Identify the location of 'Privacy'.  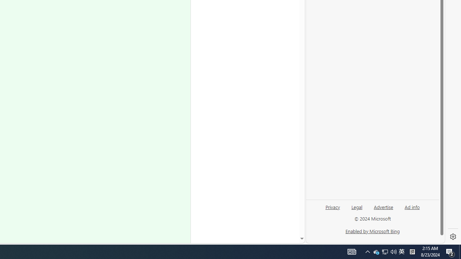
(332, 206).